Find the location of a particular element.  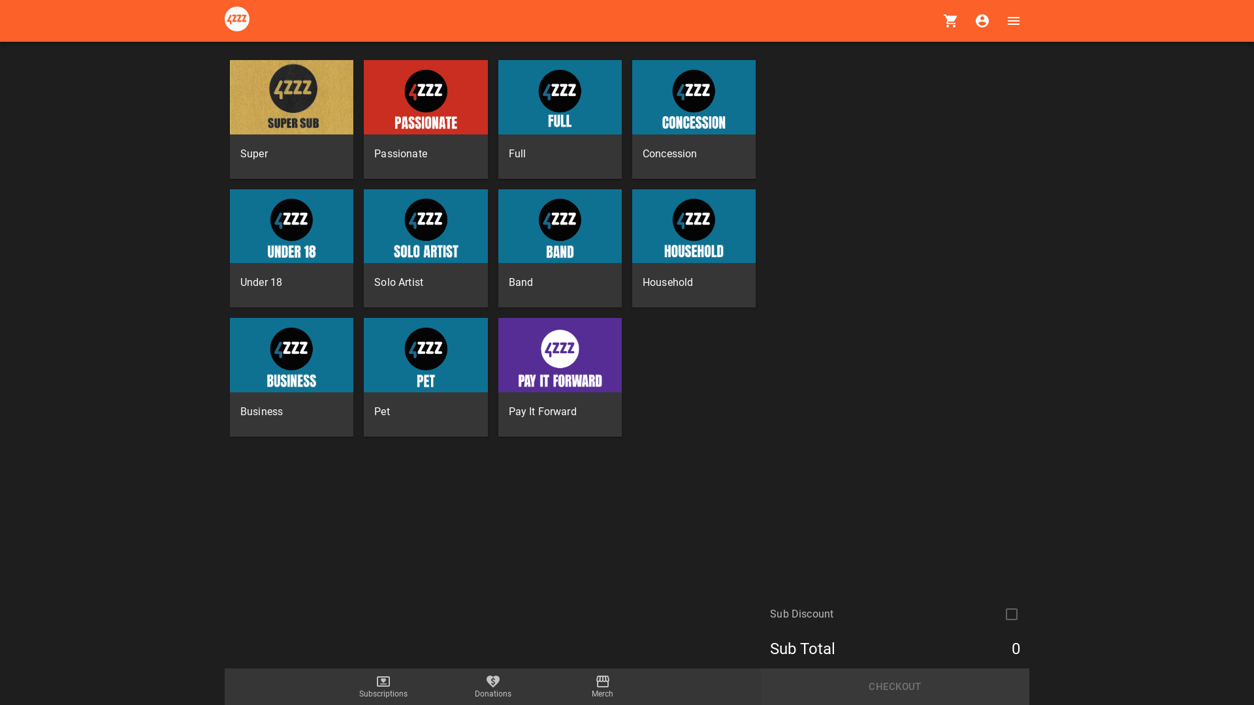

'Pay It Forward' is located at coordinates (560, 377).